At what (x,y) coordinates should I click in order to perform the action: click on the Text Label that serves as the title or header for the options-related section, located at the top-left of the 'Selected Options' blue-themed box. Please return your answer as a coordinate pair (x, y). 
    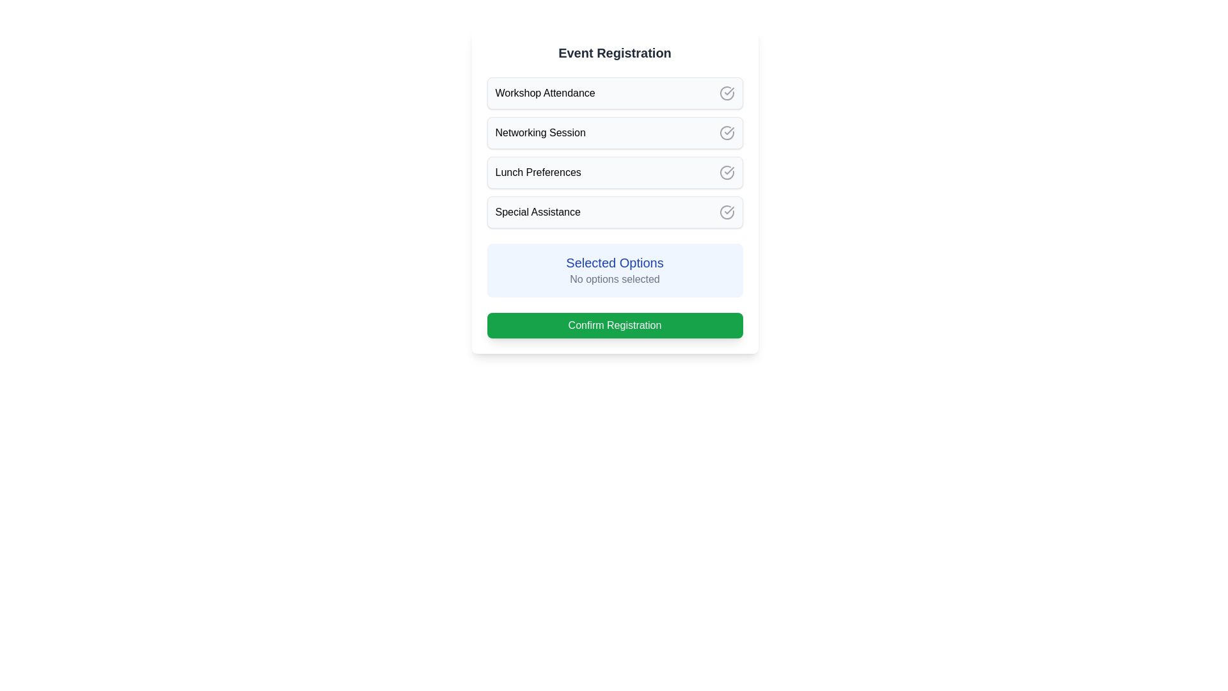
    Looking at the image, I should click on (615, 262).